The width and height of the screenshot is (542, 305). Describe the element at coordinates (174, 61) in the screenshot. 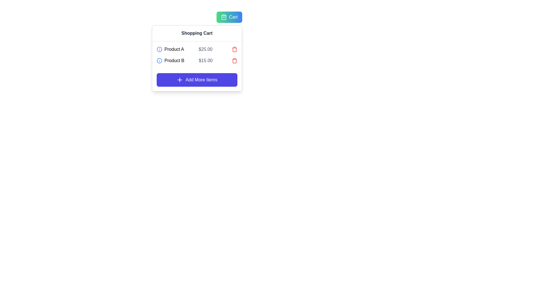

I see `the 'Product B' text label in the Shopping Cart section` at that location.